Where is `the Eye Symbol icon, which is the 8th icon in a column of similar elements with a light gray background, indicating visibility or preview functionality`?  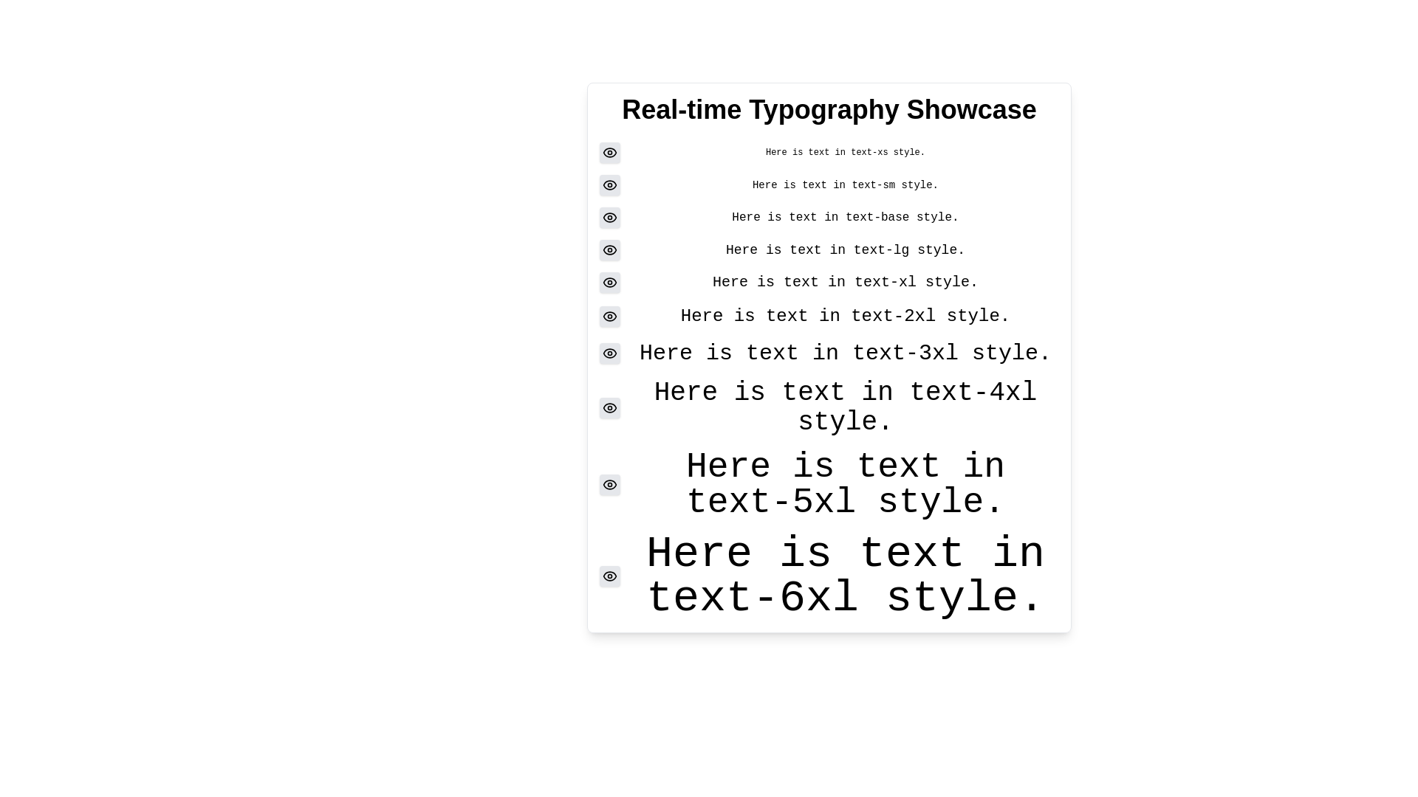
the Eye Symbol icon, which is the 8th icon in a column of similar elements with a light gray background, indicating visibility or preview functionality is located at coordinates (609, 407).